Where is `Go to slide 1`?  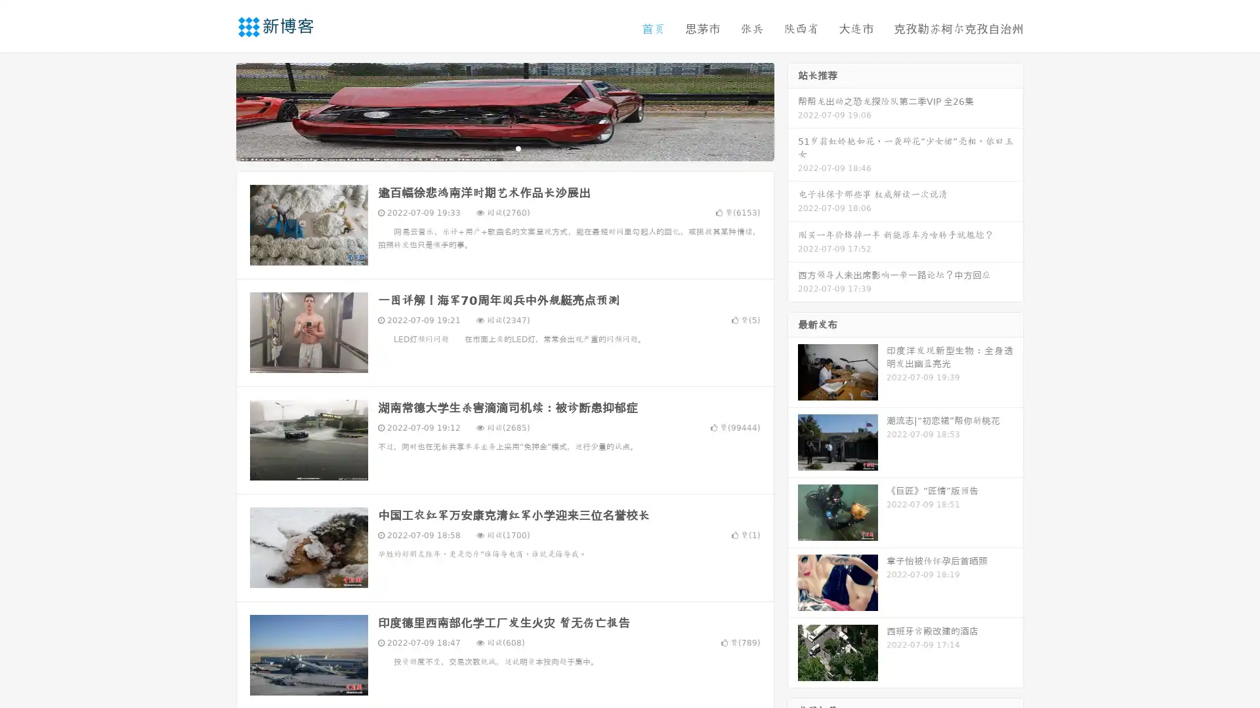 Go to slide 1 is located at coordinates (491, 147).